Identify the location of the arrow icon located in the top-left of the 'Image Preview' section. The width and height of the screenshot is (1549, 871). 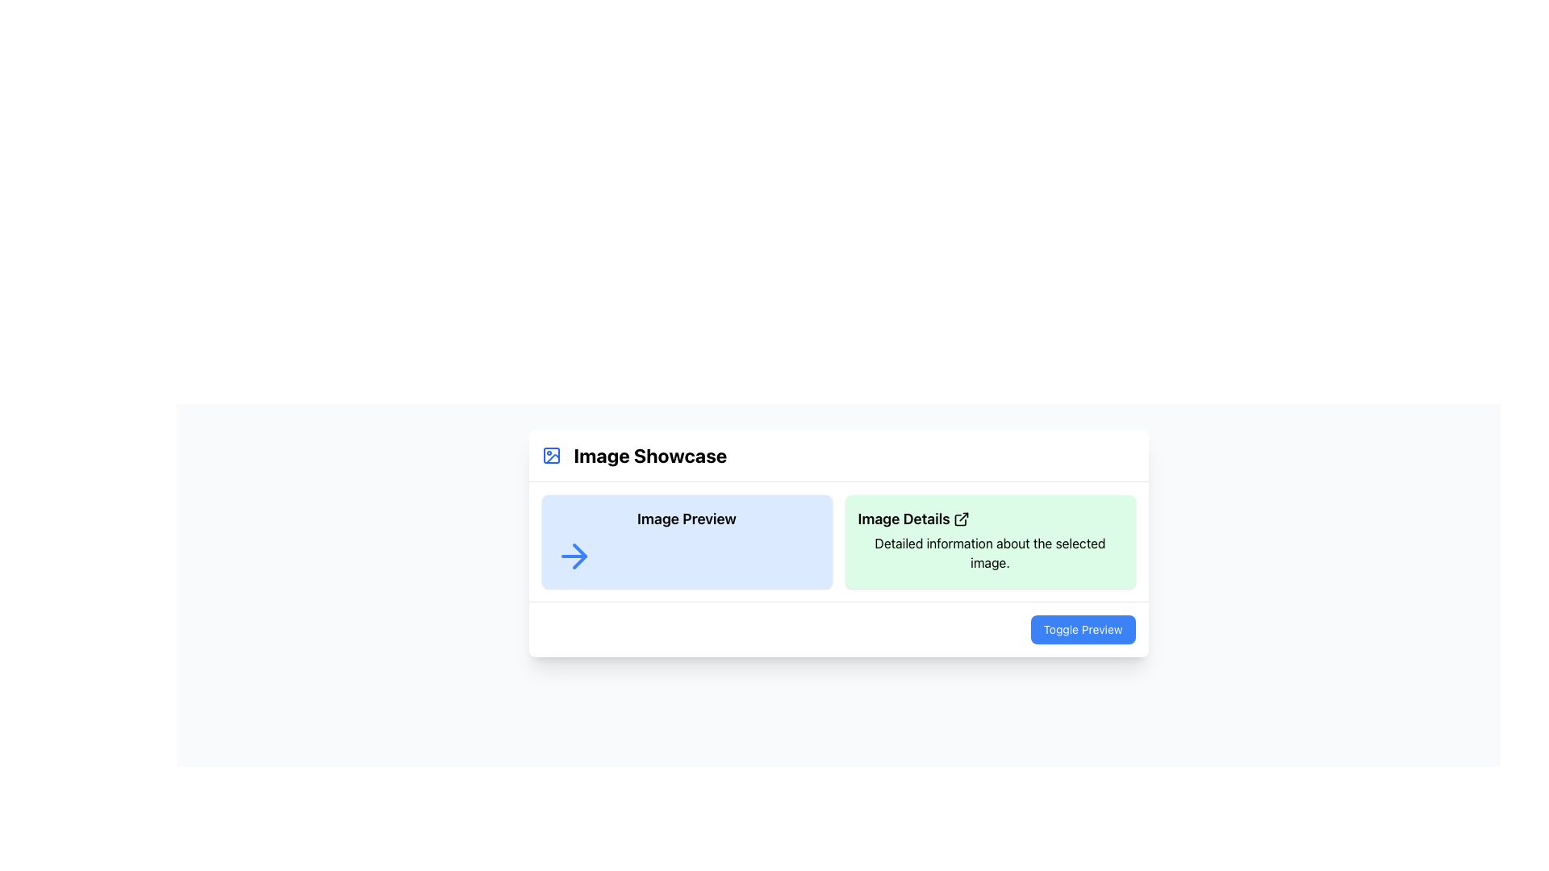
(574, 556).